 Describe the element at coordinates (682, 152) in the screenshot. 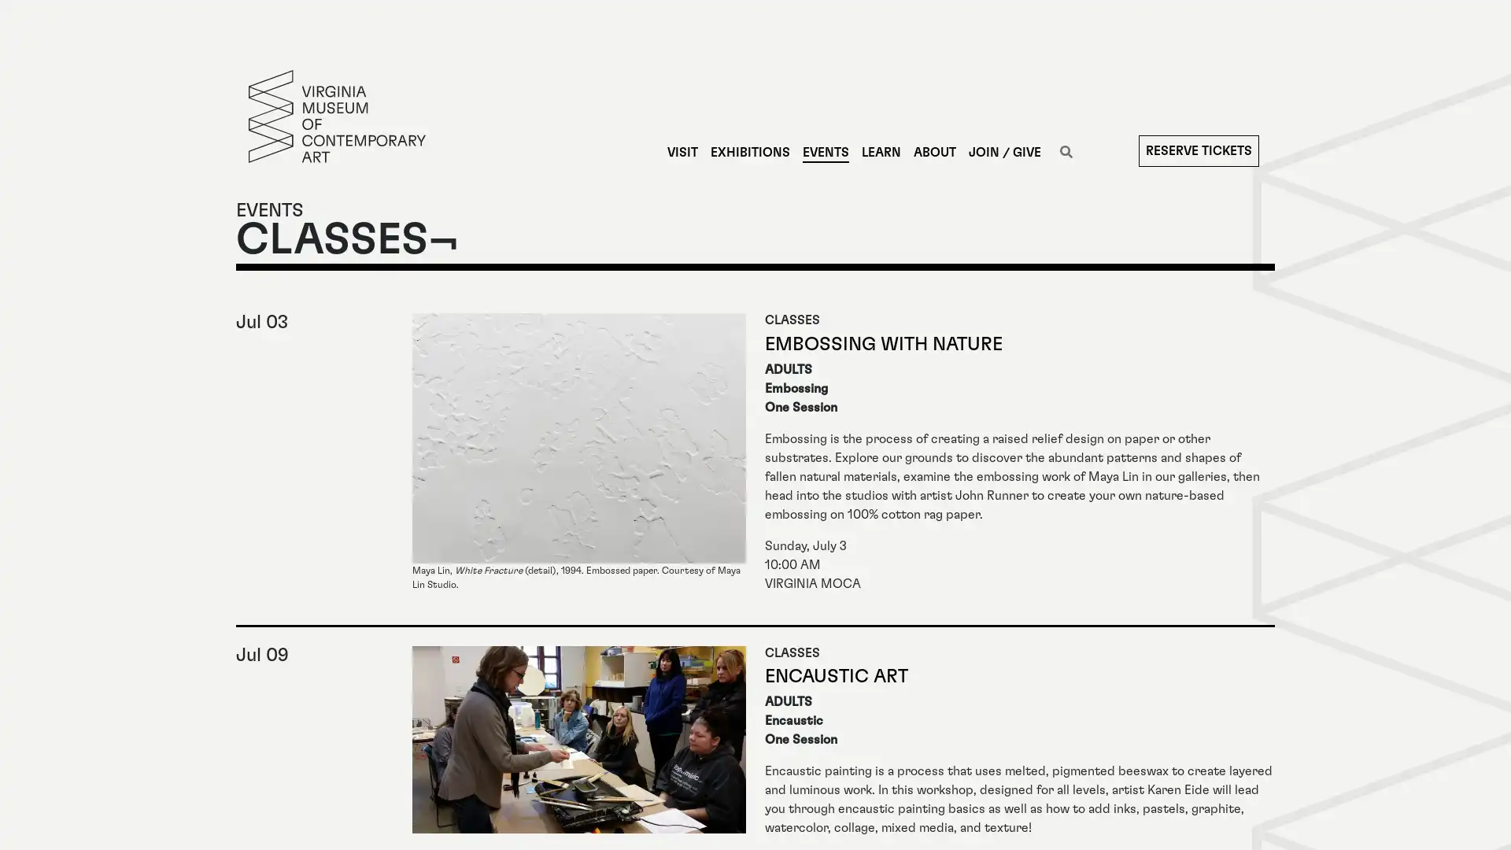

I see `VISIT` at that location.